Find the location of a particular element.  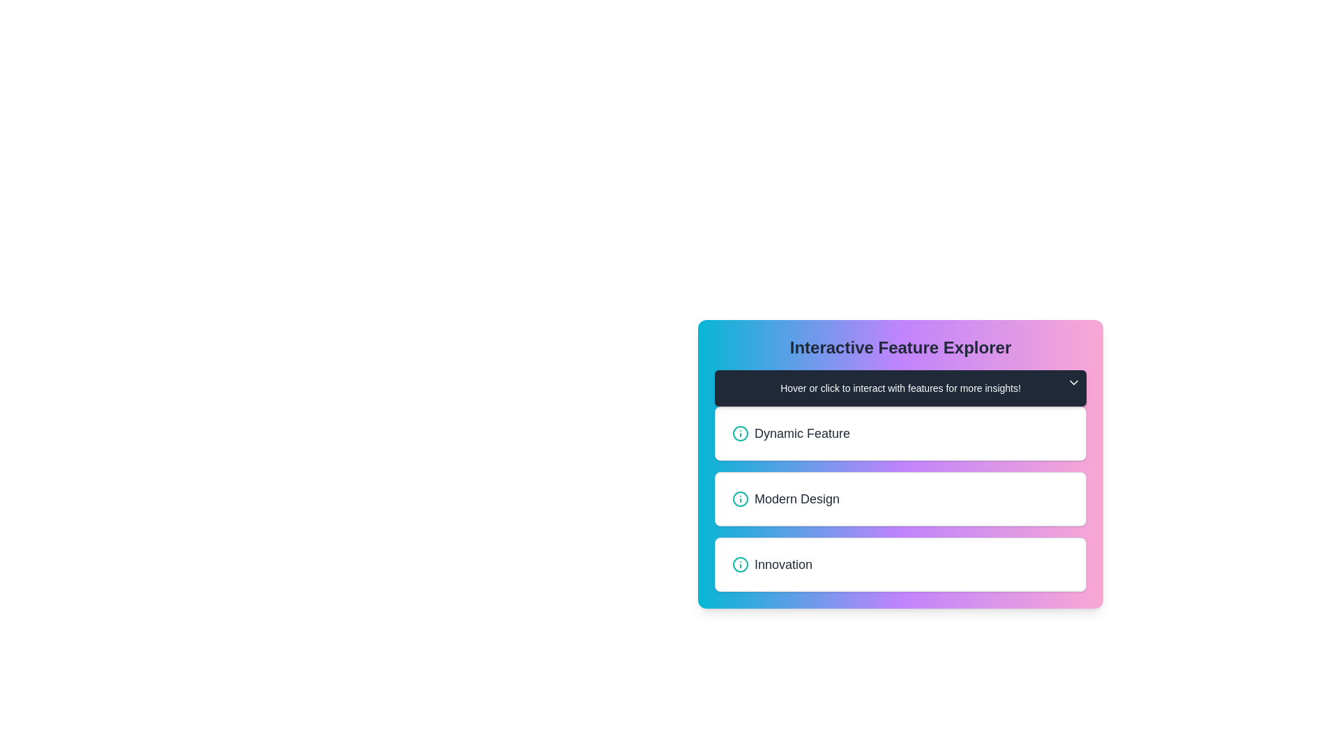

the teal-outlined circular informative icon located in the 'Dynamic Feature' section, which is positioned above the 'Modern Design' and 'Innovation' items is located at coordinates (739, 432).